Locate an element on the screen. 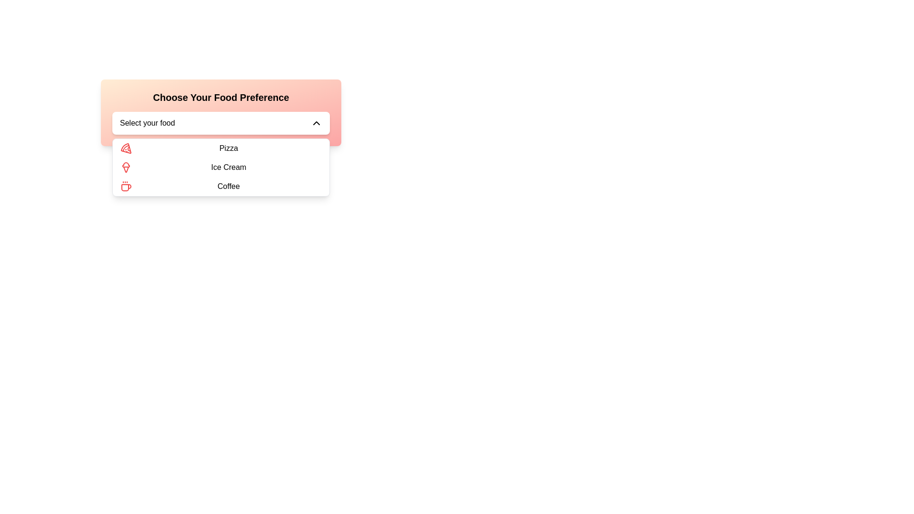  the 'Pizza' text label is located at coordinates (228, 148).